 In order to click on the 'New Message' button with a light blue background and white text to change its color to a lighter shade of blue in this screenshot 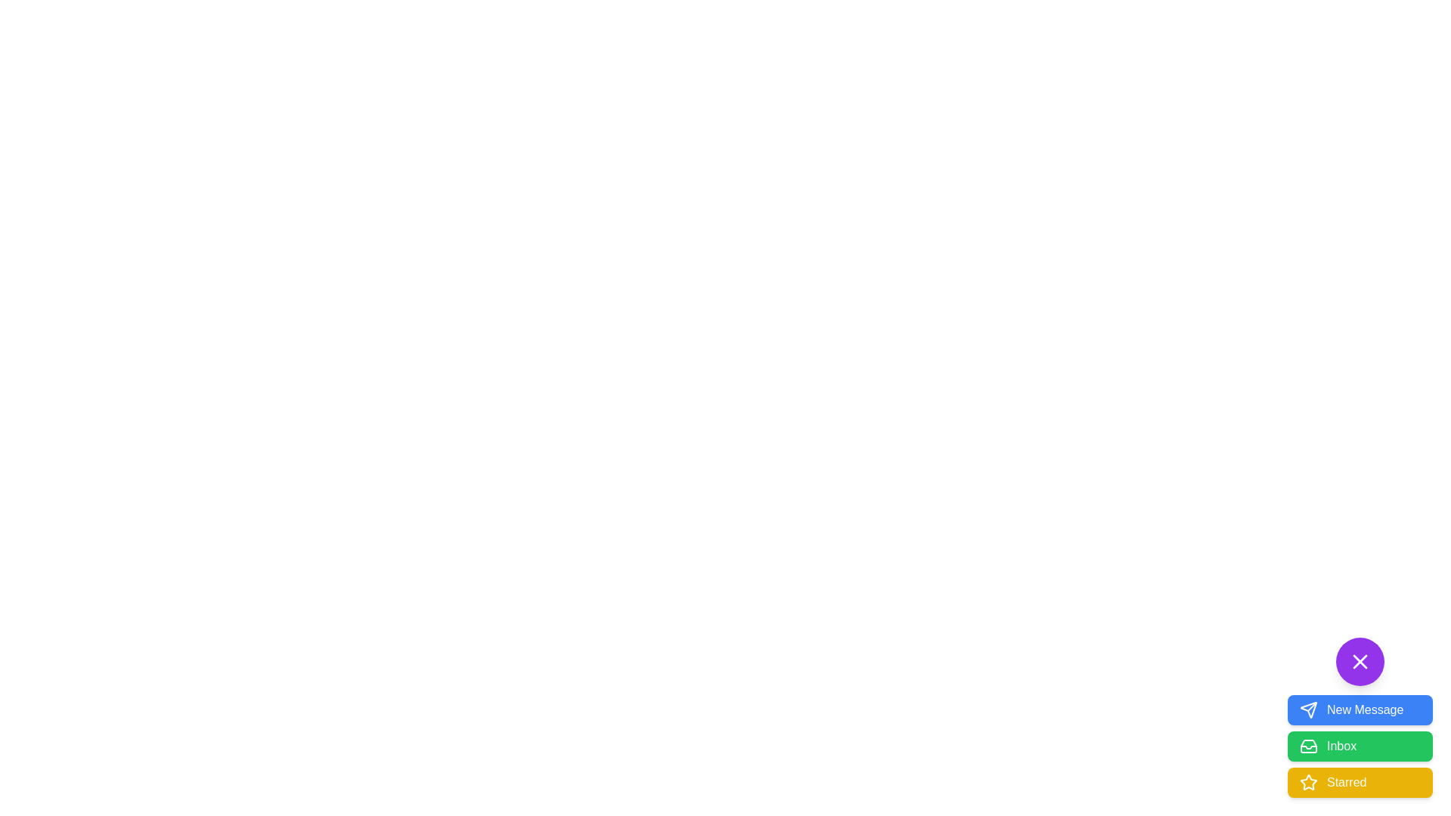, I will do `click(1360, 710)`.